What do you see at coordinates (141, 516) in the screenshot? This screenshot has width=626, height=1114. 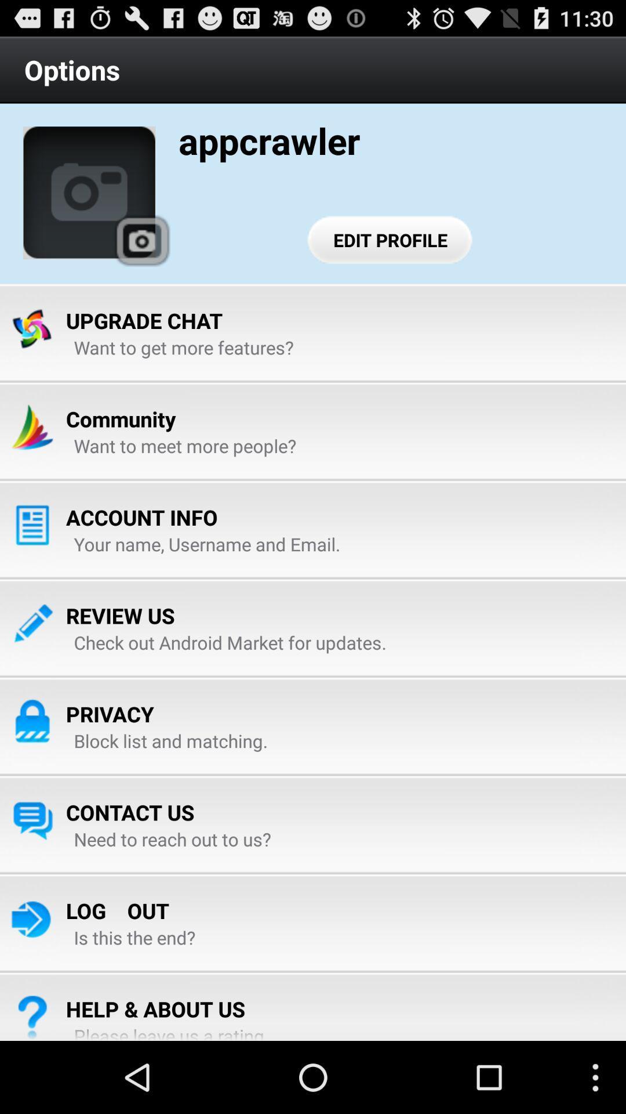 I see `the app below want to meet icon` at bounding box center [141, 516].